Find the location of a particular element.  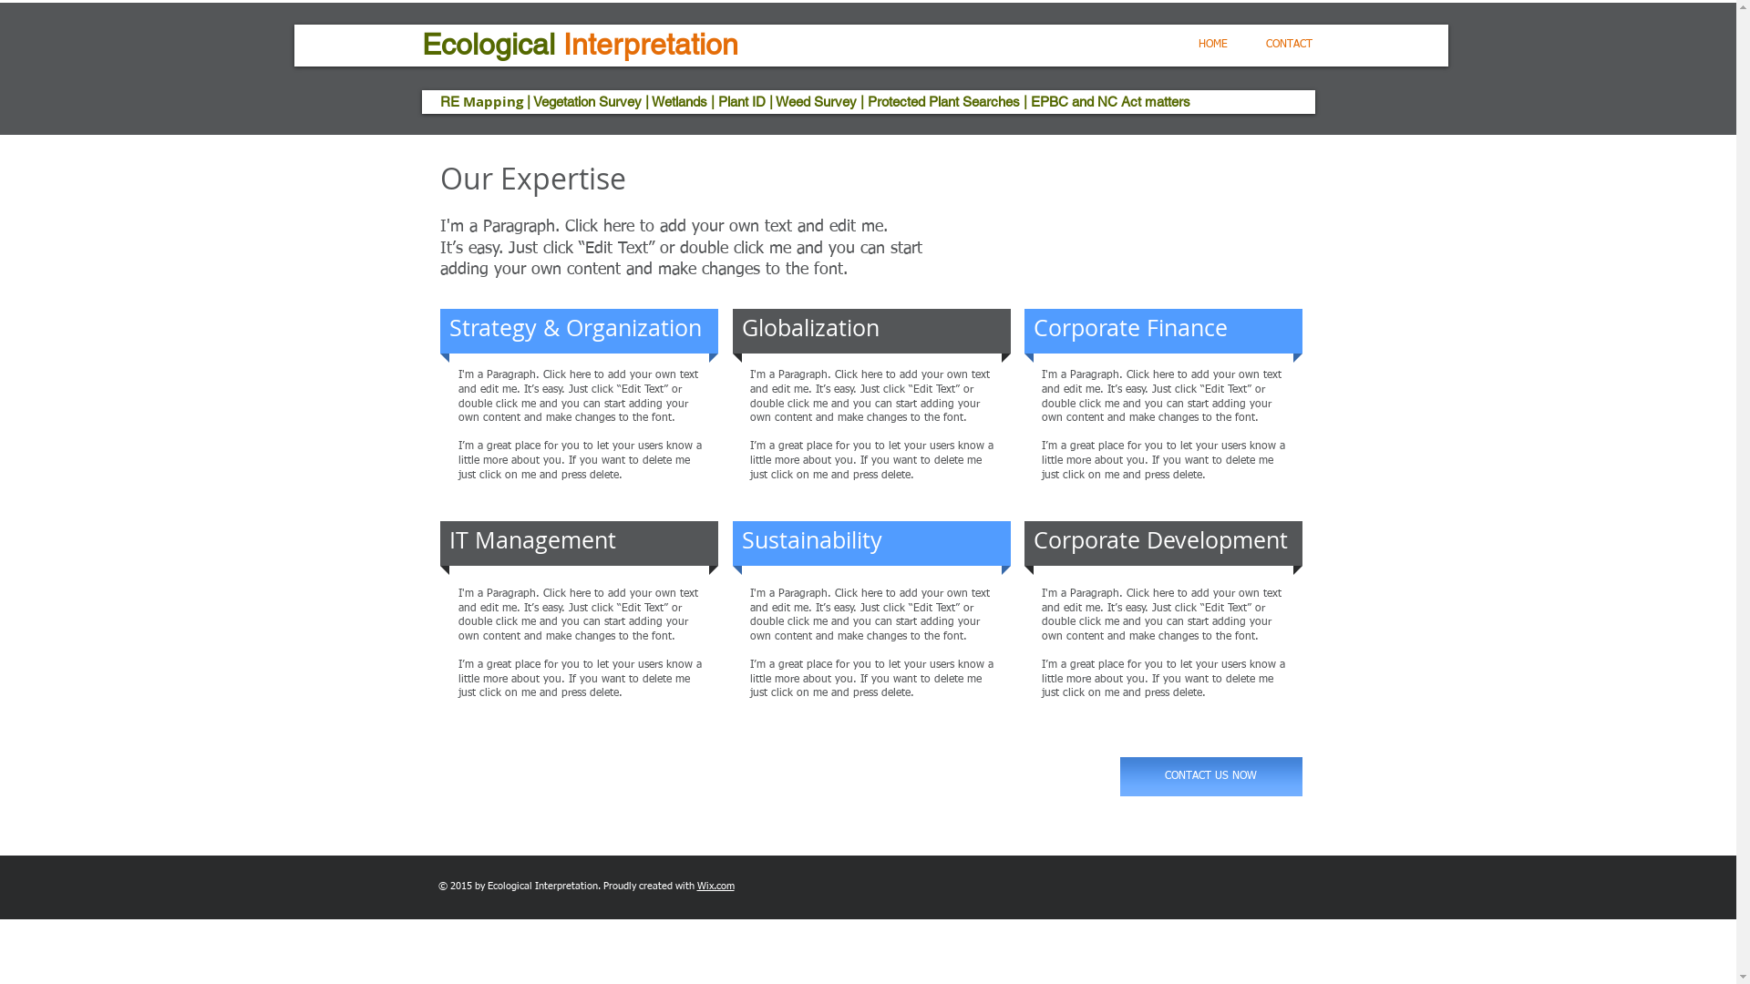

'HOME' is located at coordinates (1212, 44).